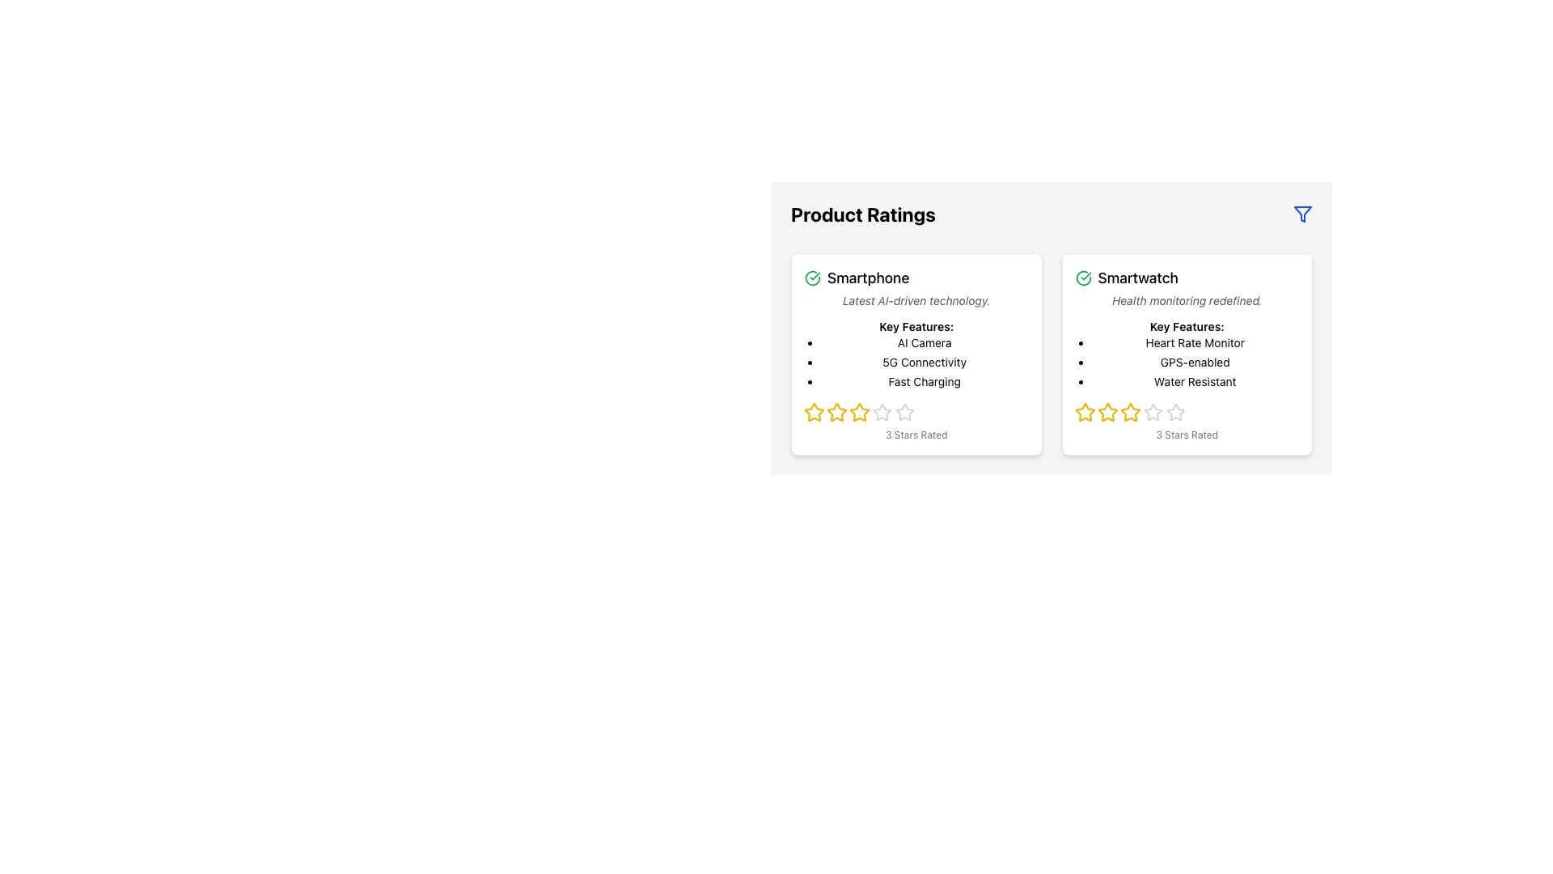  Describe the element at coordinates (1085, 411) in the screenshot. I see `the third star in the five-star rating icon series for the product labeled 'Smartwatch'` at that location.